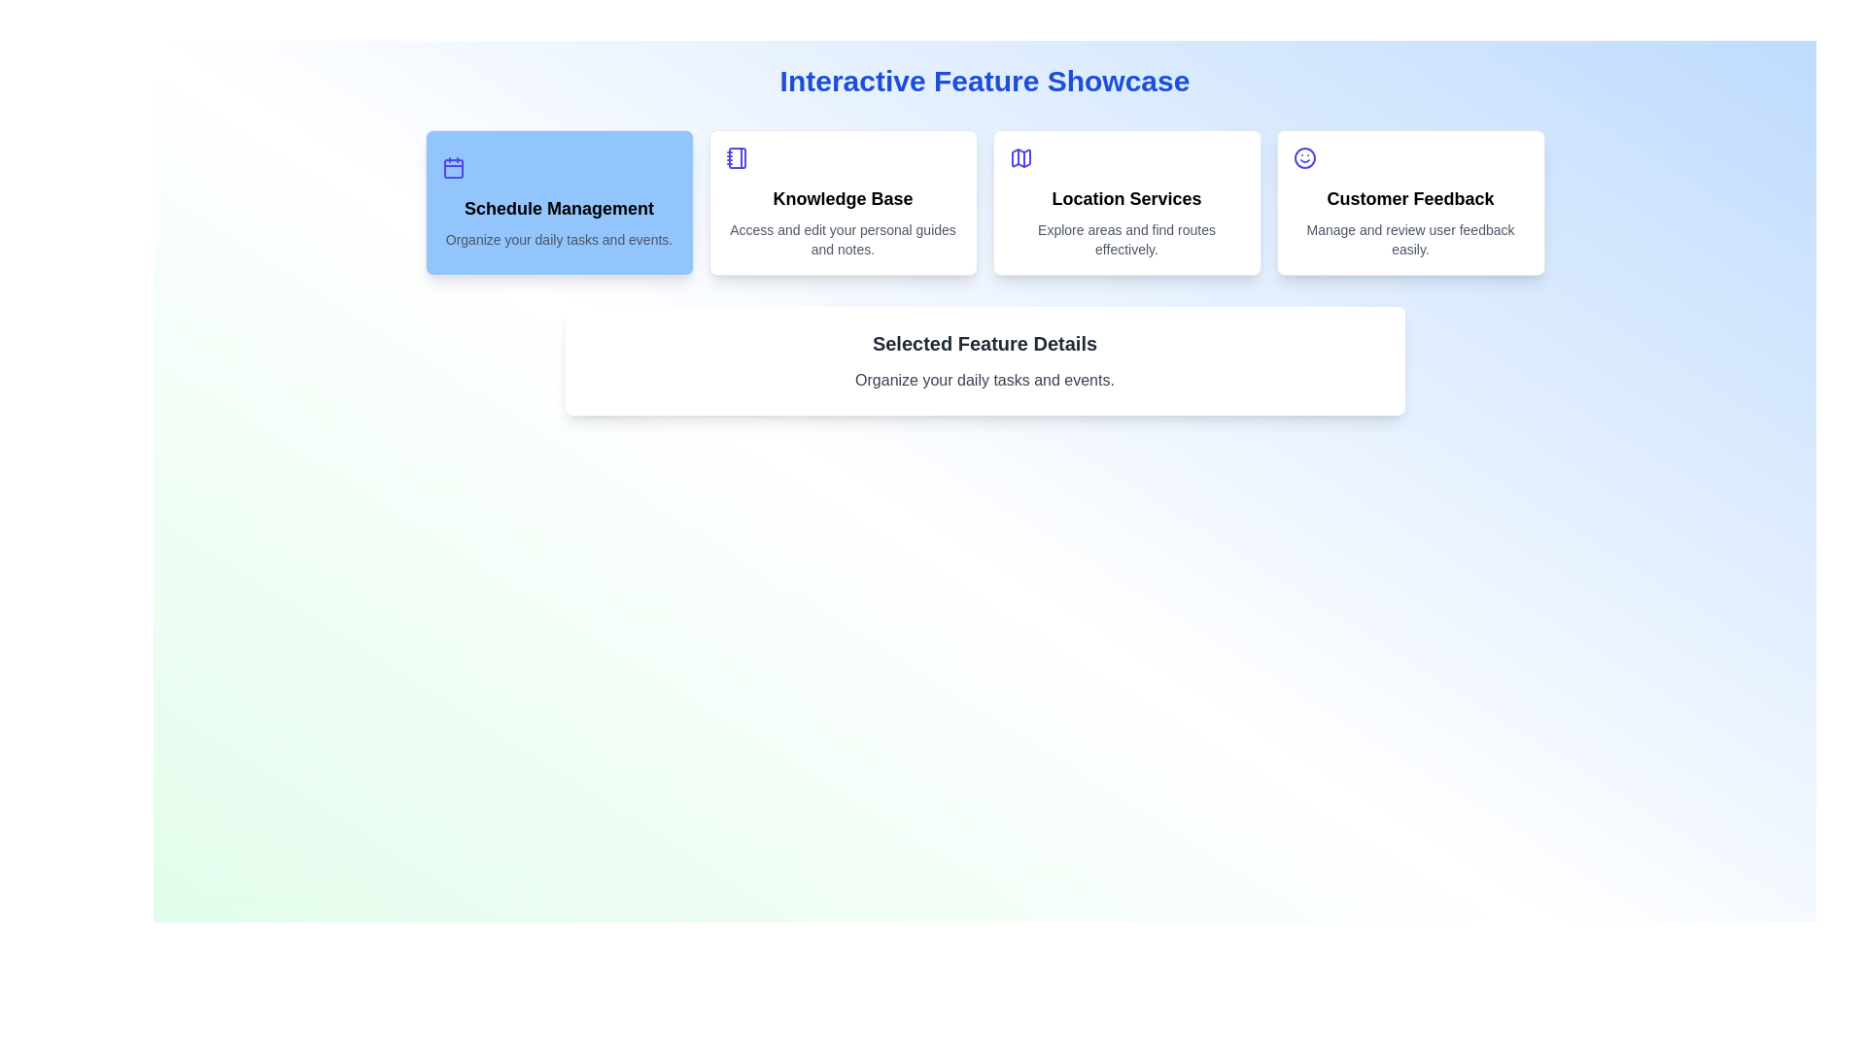 This screenshot has width=1866, height=1049. What do you see at coordinates (843, 202) in the screenshot?
I see `the second interactive card in the grid layout` at bounding box center [843, 202].